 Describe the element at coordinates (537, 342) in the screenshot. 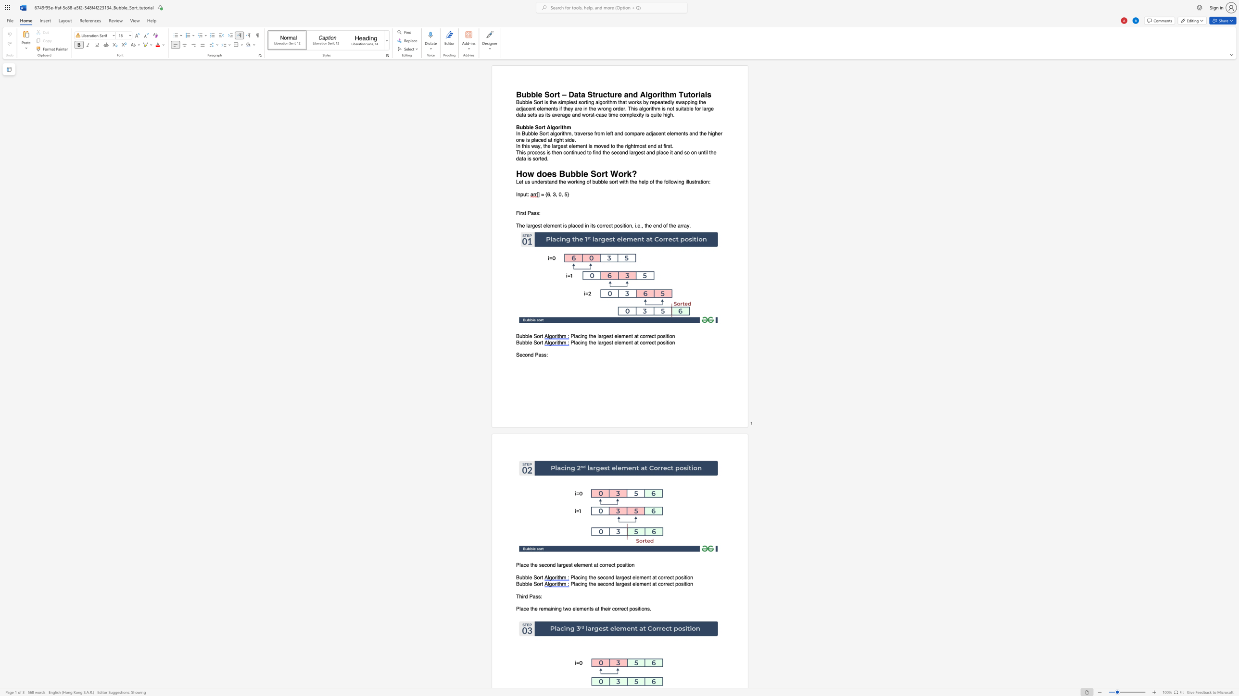

I see `the subset text "or" within the text "Bubble Sort"` at that location.